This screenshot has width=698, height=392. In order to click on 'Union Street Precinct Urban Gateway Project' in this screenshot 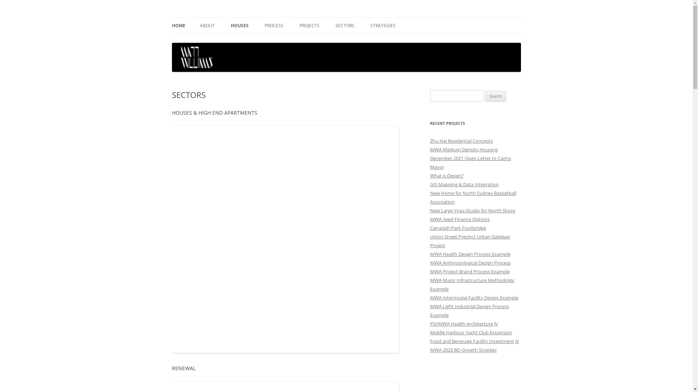, I will do `click(470, 241)`.